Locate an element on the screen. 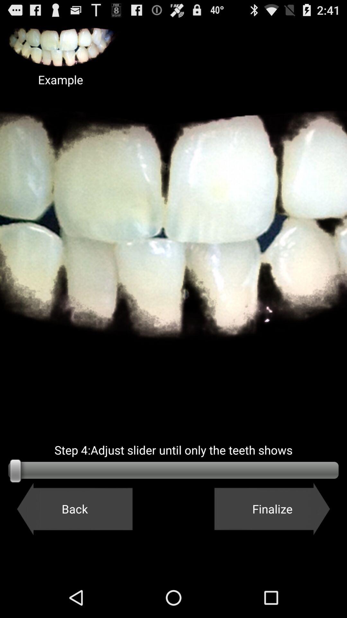 The width and height of the screenshot is (347, 618). the finalize at the bottom right corner is located at coordinates (272, 509).